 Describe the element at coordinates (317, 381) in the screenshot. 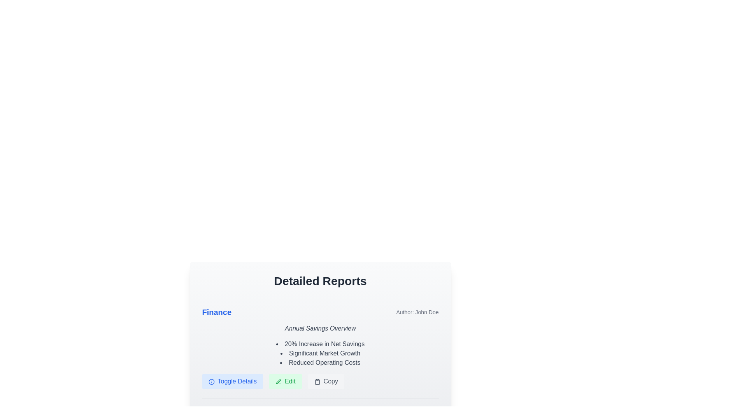

I see `the copy icon located at the bottom right corner of the 'Detailed Reports' UI card, which visually enhances the functionality of the 'Copy' button` at that location.